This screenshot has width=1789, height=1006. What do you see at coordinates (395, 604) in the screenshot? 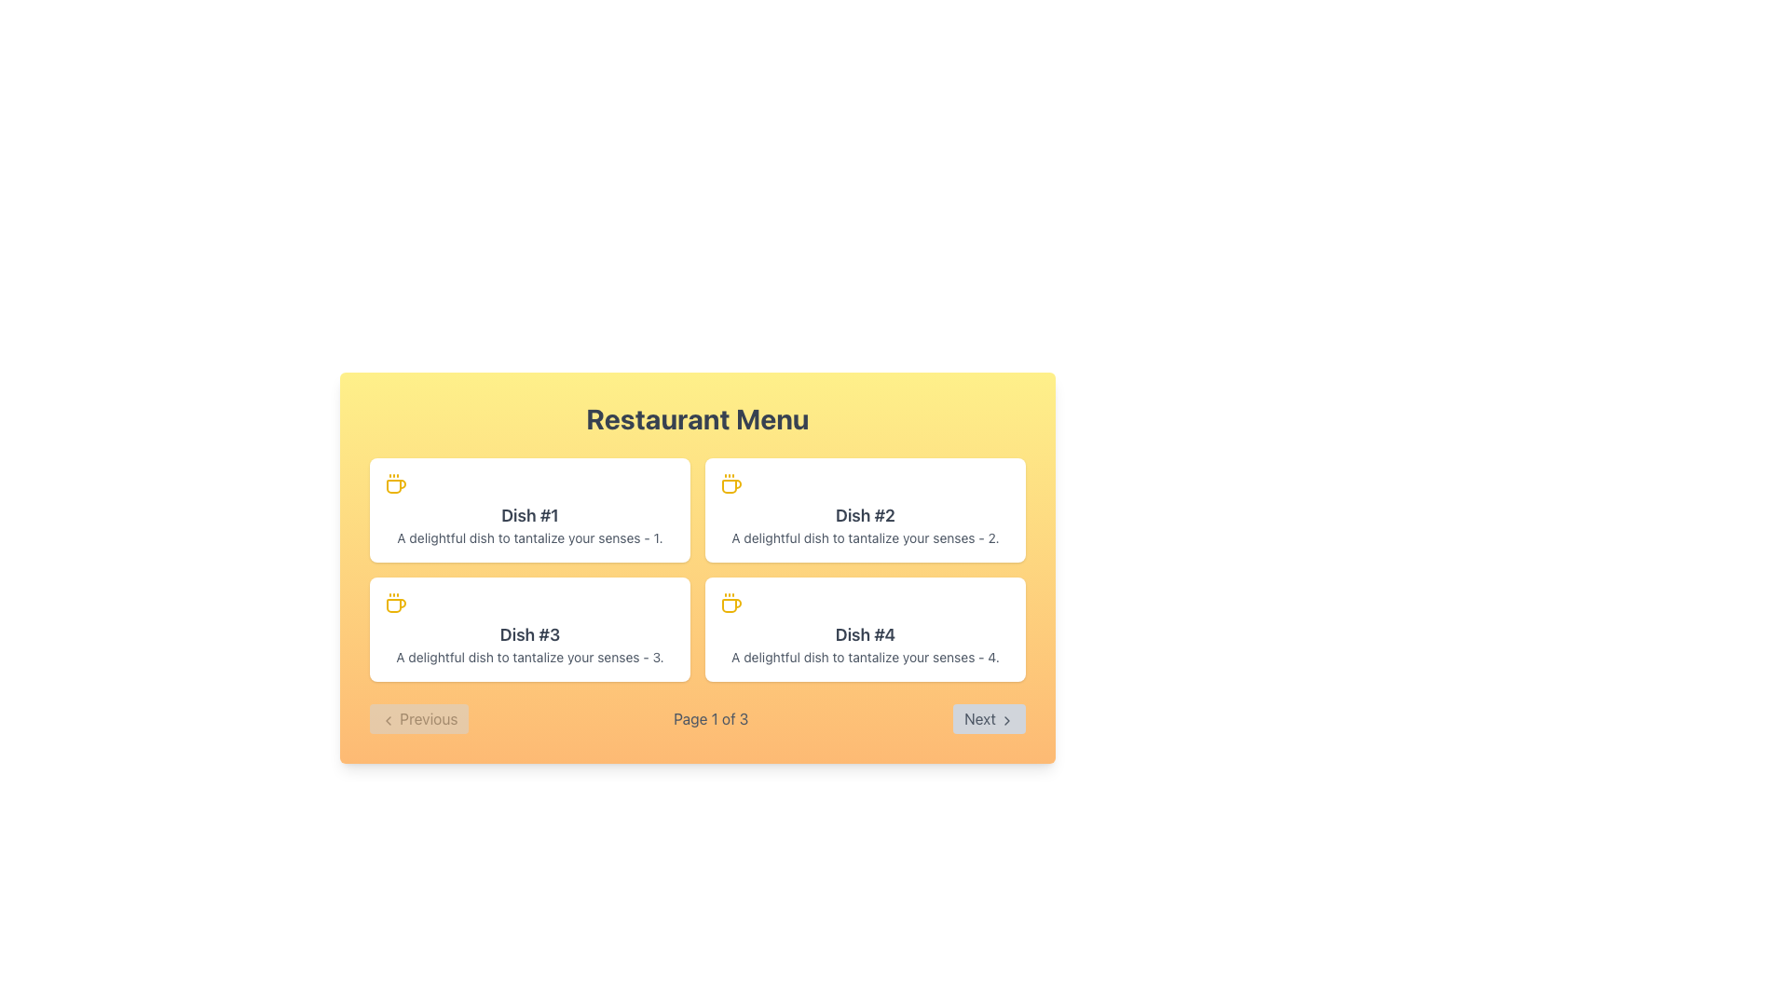
I see `the coffee cup icon, which is styled in yellow with three steam lines, located in the top left corner of the 'Dish #3' card` at bounding box center [395, 604].